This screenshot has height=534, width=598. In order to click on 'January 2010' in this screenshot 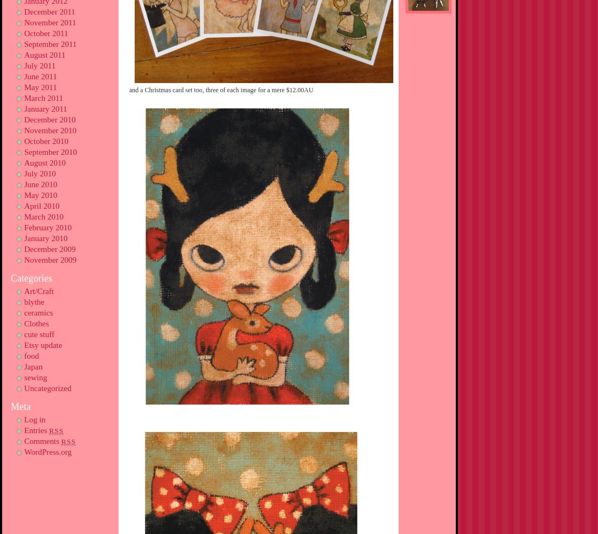, I will do `click(45, 238)`.